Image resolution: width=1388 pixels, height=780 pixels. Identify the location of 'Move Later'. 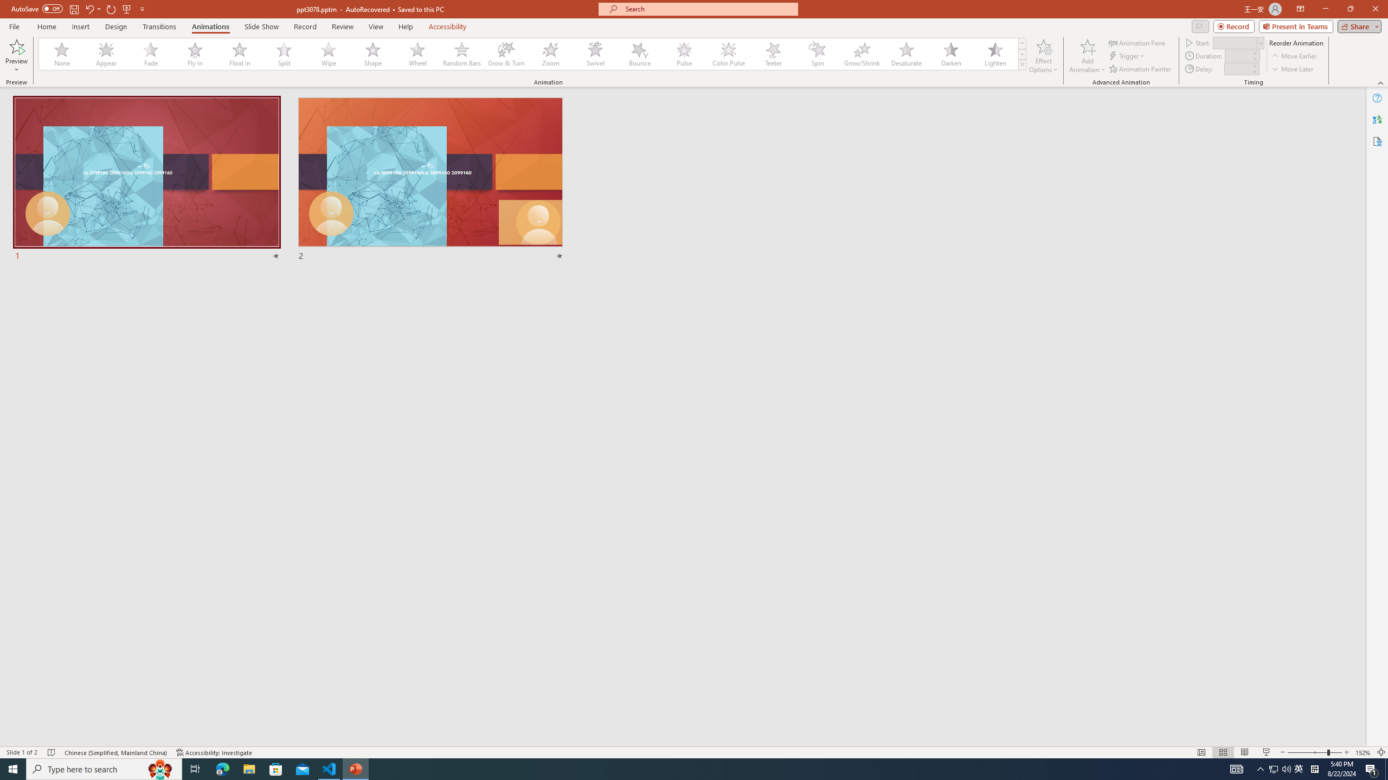
(1293, 69).